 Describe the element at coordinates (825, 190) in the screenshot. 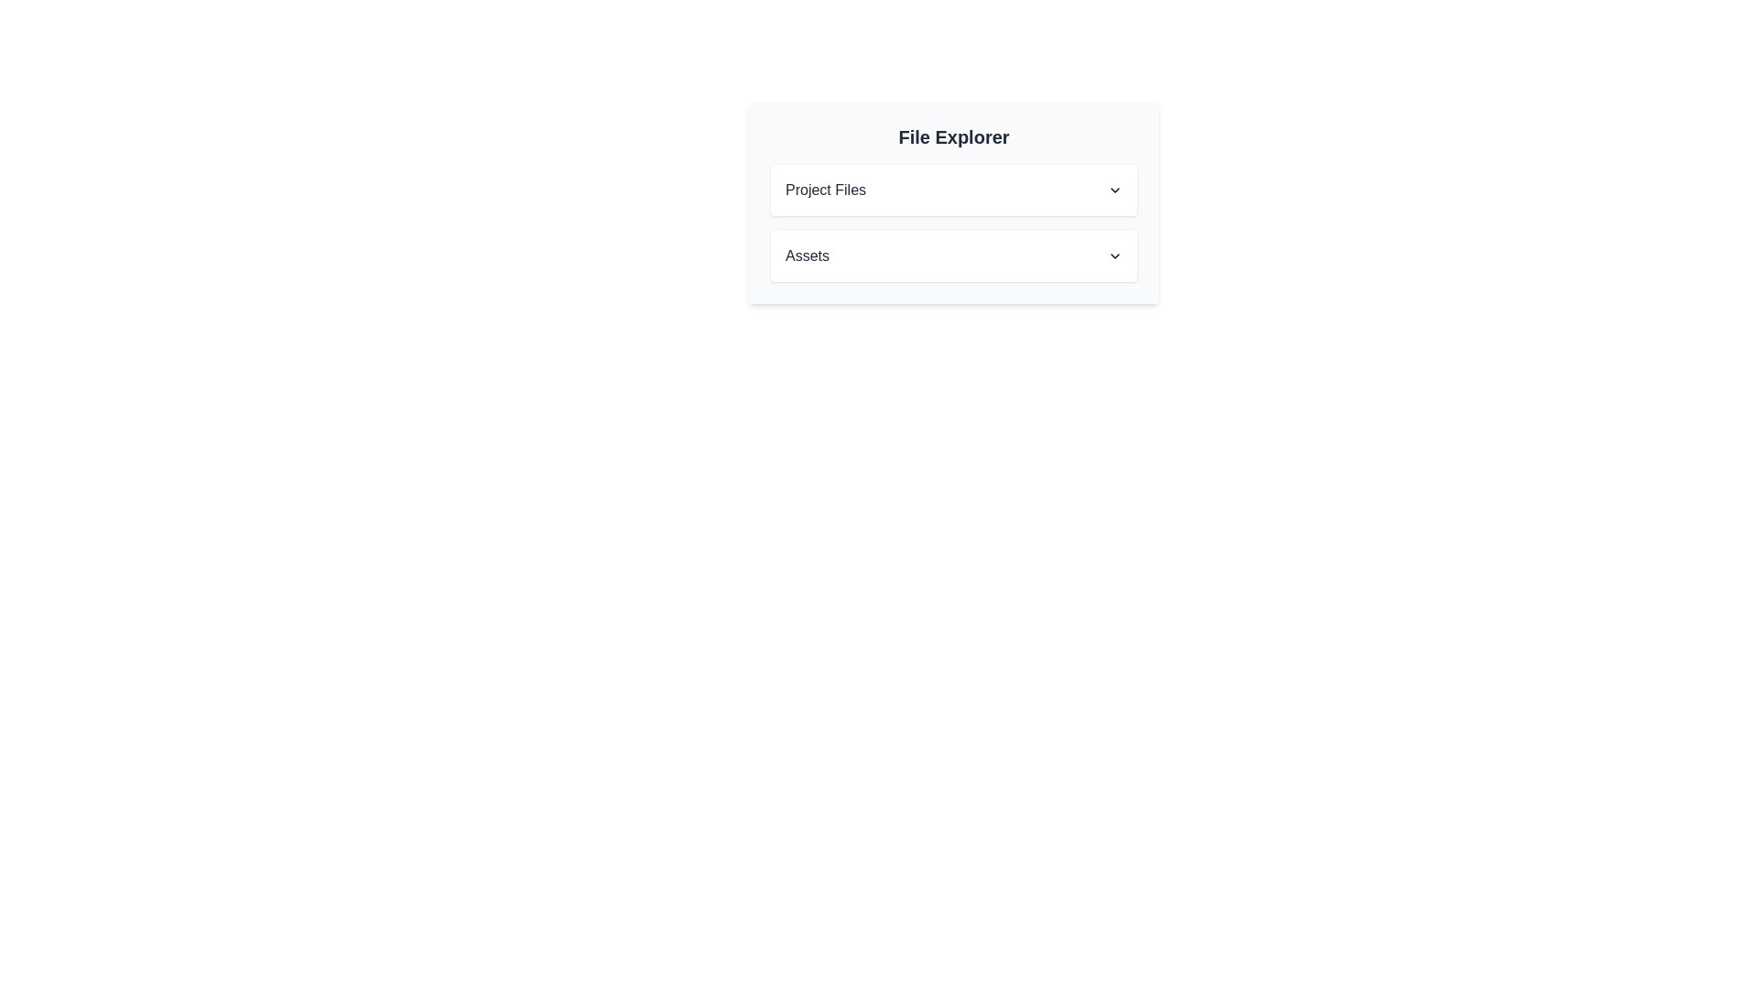

I see `the 'Project Files' text label in the file explorer module, which is displayed in medium font weight and gray color, positioned as a dropdown item above the 'Assets' dropdown` at that location.